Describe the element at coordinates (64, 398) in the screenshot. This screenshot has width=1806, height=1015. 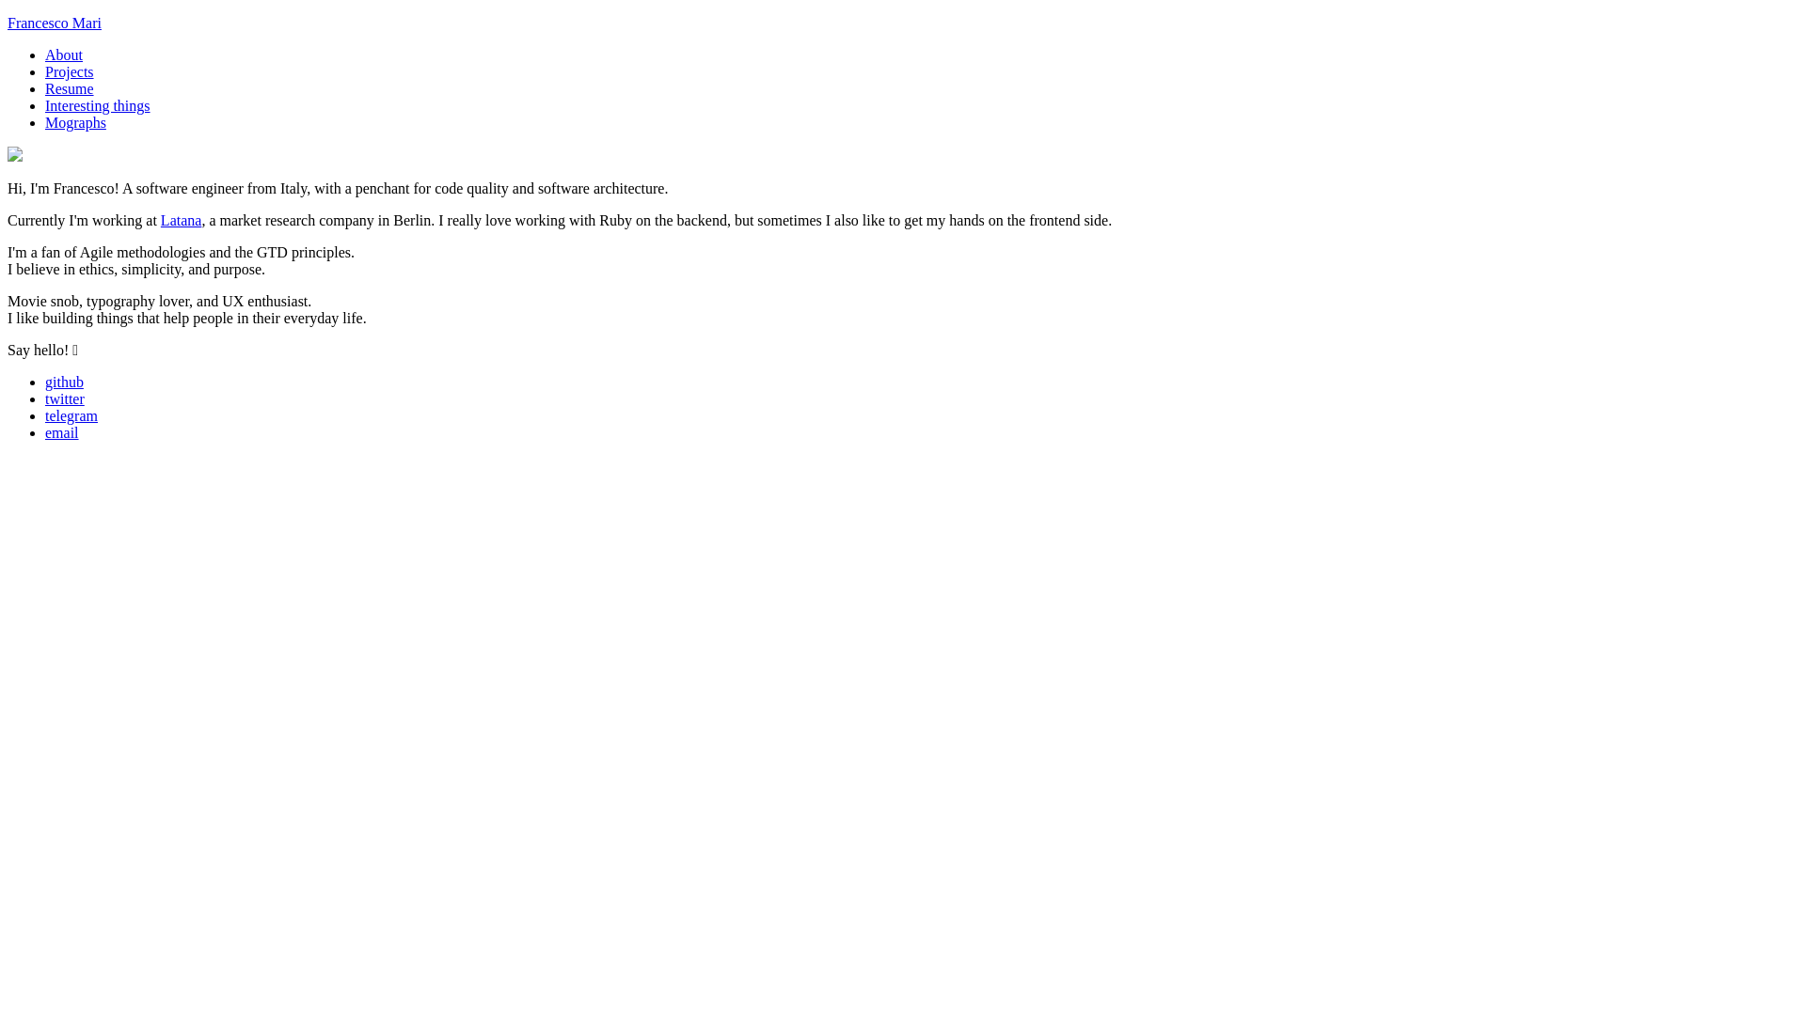
I see `'twitter'` at that location.